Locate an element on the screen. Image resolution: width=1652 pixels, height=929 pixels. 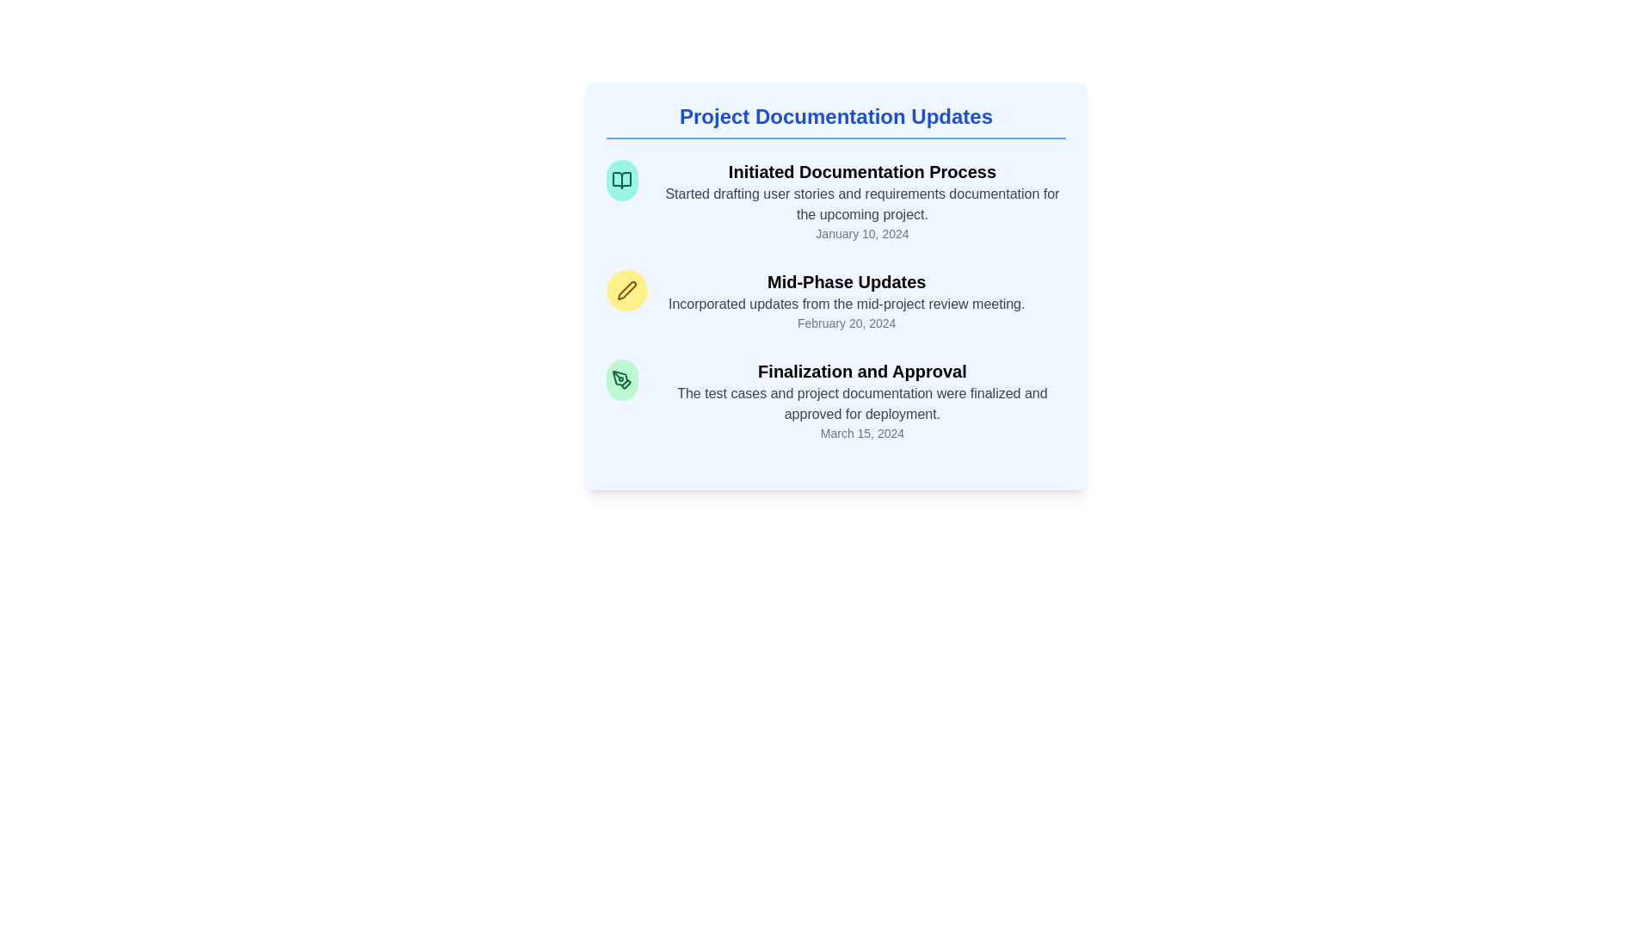
timestamp label displaying 'February 20, 2024', which is styled in a small gray font and located below 'Mid-Phase Updates' is located at coordinates (847, 323).